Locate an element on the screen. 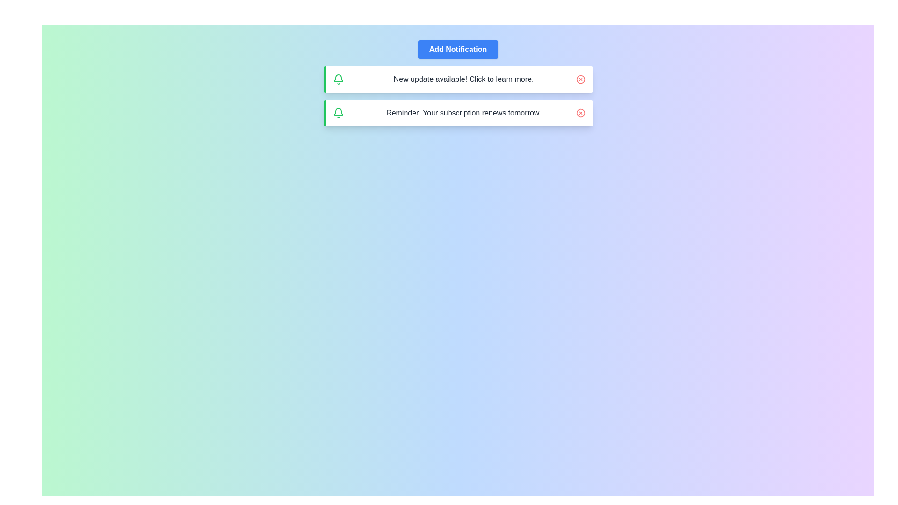 The image size is (898, 505). the 'Add Notification' button to add a new notification is located at coordinates (458, 49).